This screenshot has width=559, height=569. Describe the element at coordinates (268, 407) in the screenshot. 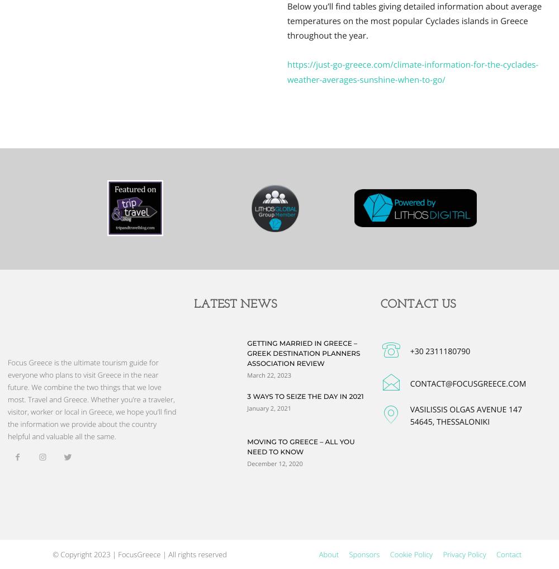

I see `'January 2, 2021'` at that location.